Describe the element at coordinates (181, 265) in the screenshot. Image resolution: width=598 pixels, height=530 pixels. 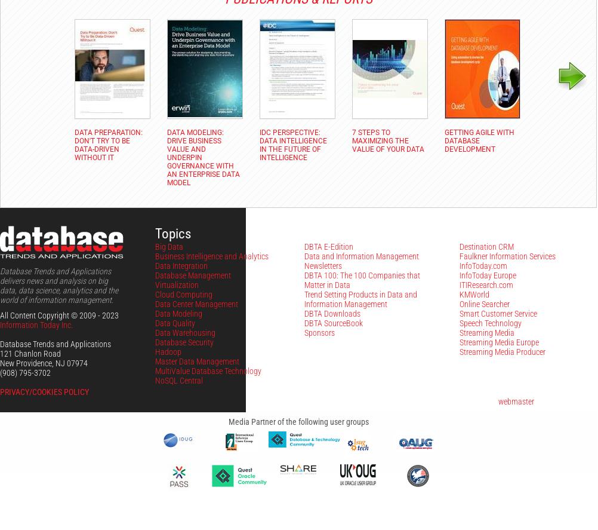
I see `'Data Integration'` at that location.